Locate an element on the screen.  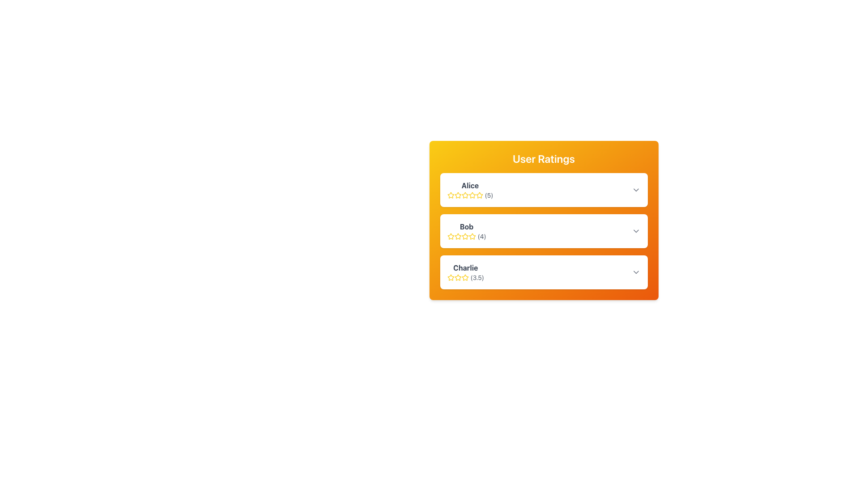
the second star in the rating group for user 'Bob', which represents the rating value in the user ratings section is located at coordinates (458, 236).